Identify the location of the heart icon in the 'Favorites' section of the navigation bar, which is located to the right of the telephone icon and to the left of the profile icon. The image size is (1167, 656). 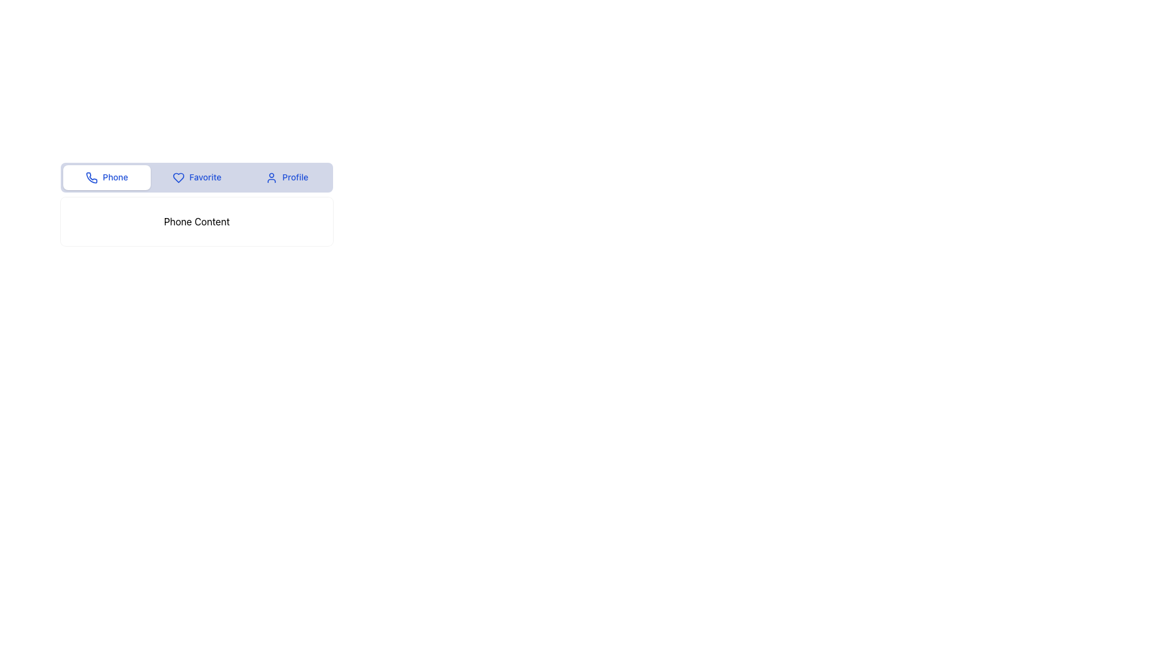
(177, 178).